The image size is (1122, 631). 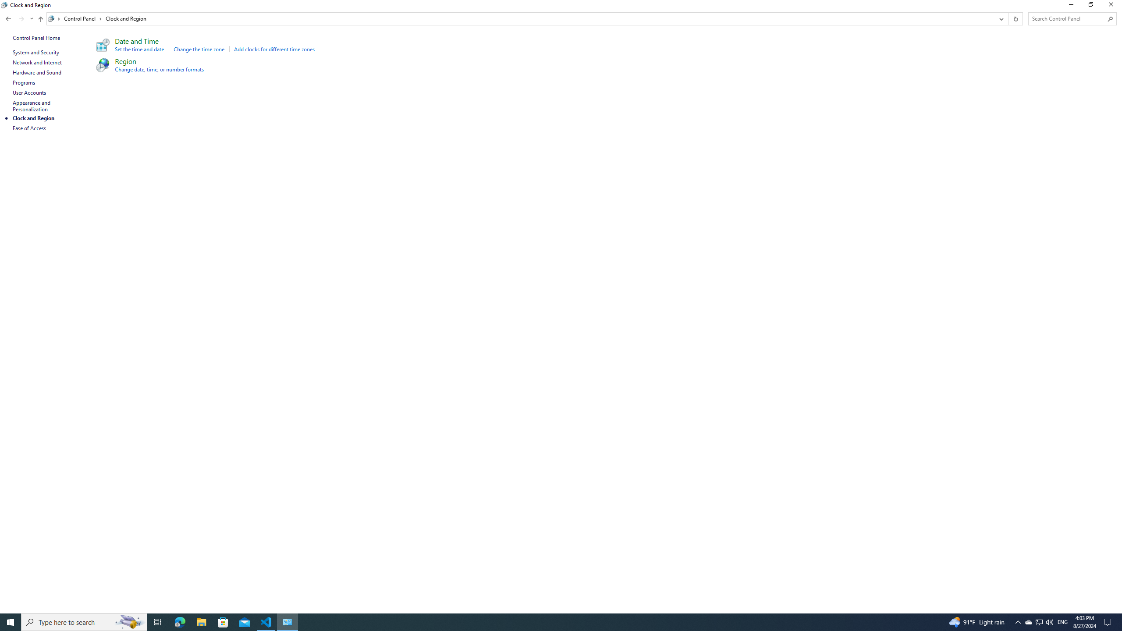 I want to click on 'Ease of Access', so click(x=29, y=128).